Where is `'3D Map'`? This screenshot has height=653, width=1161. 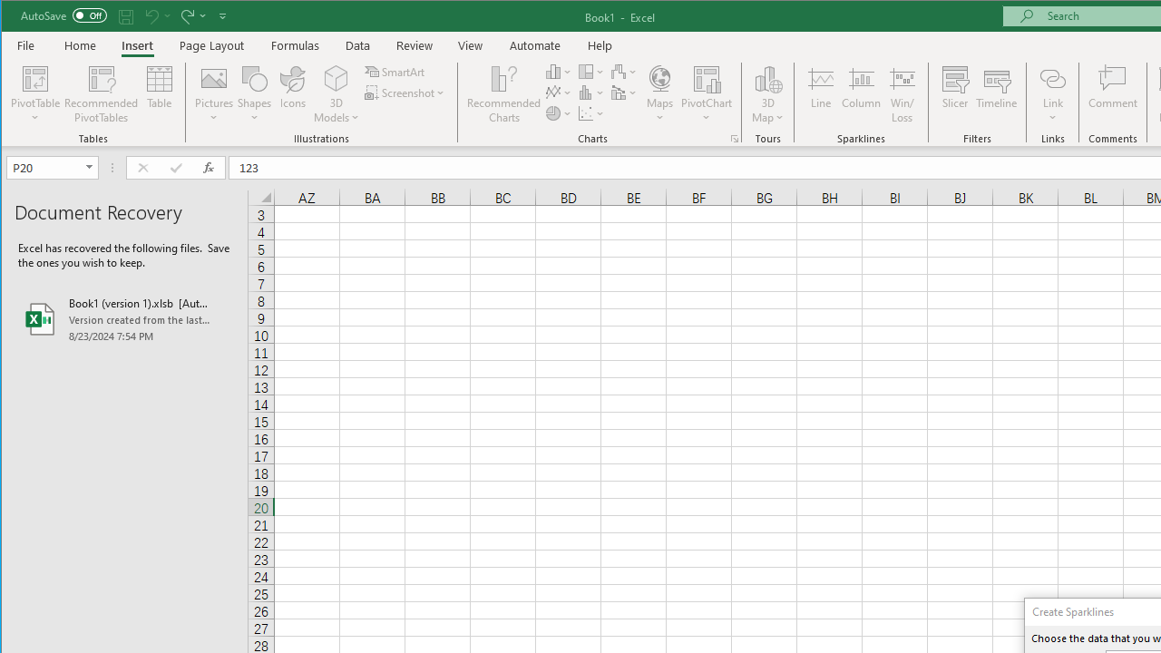 '3D Map' is located at coordinates (767, 94).